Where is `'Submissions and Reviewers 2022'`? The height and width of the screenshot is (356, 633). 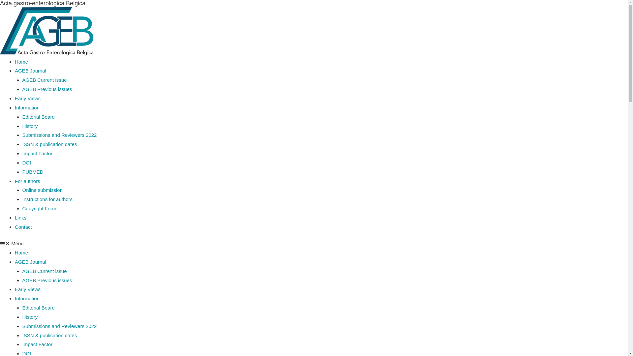 'Submissions and Reviewers 2022' is located at coordinates (22, 134).